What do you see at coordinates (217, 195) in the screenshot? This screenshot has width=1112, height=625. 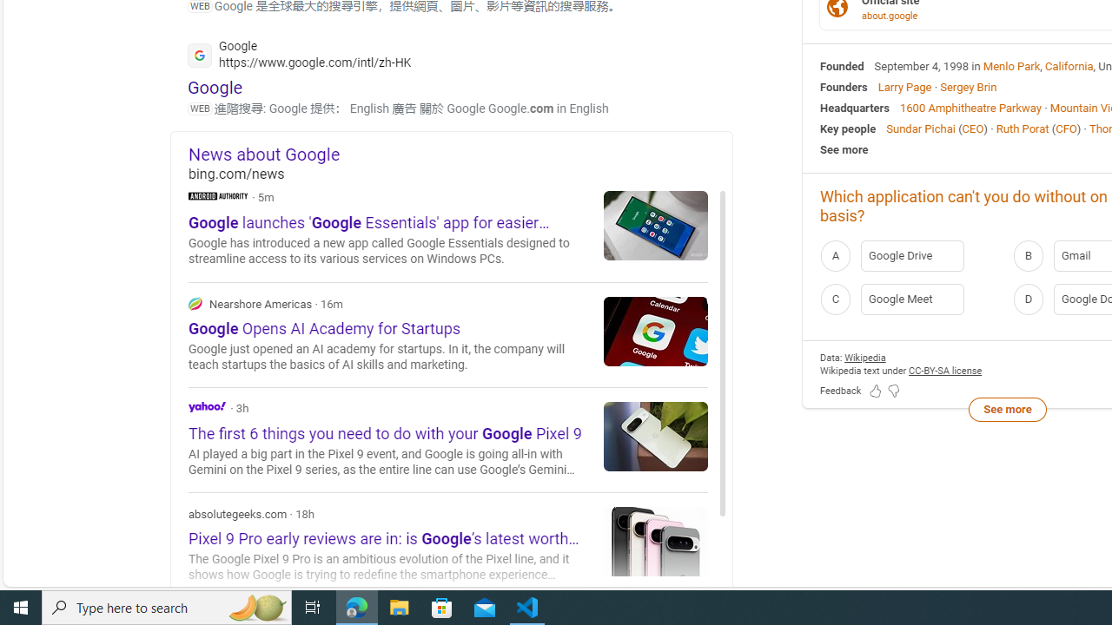 I see `'Android Authority'` at bounding box center [217, 195].